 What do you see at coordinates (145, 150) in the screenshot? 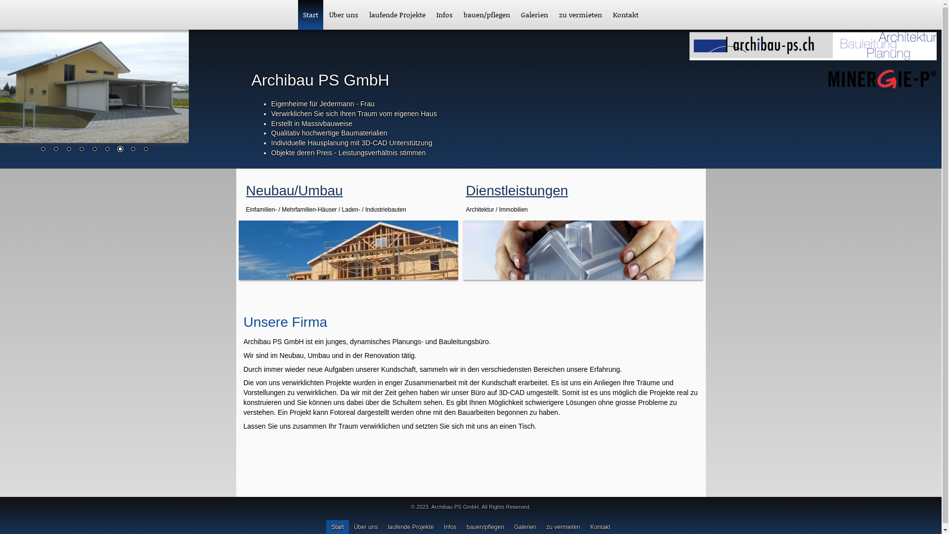
I see `'9'` at bounding box center [145, 150].